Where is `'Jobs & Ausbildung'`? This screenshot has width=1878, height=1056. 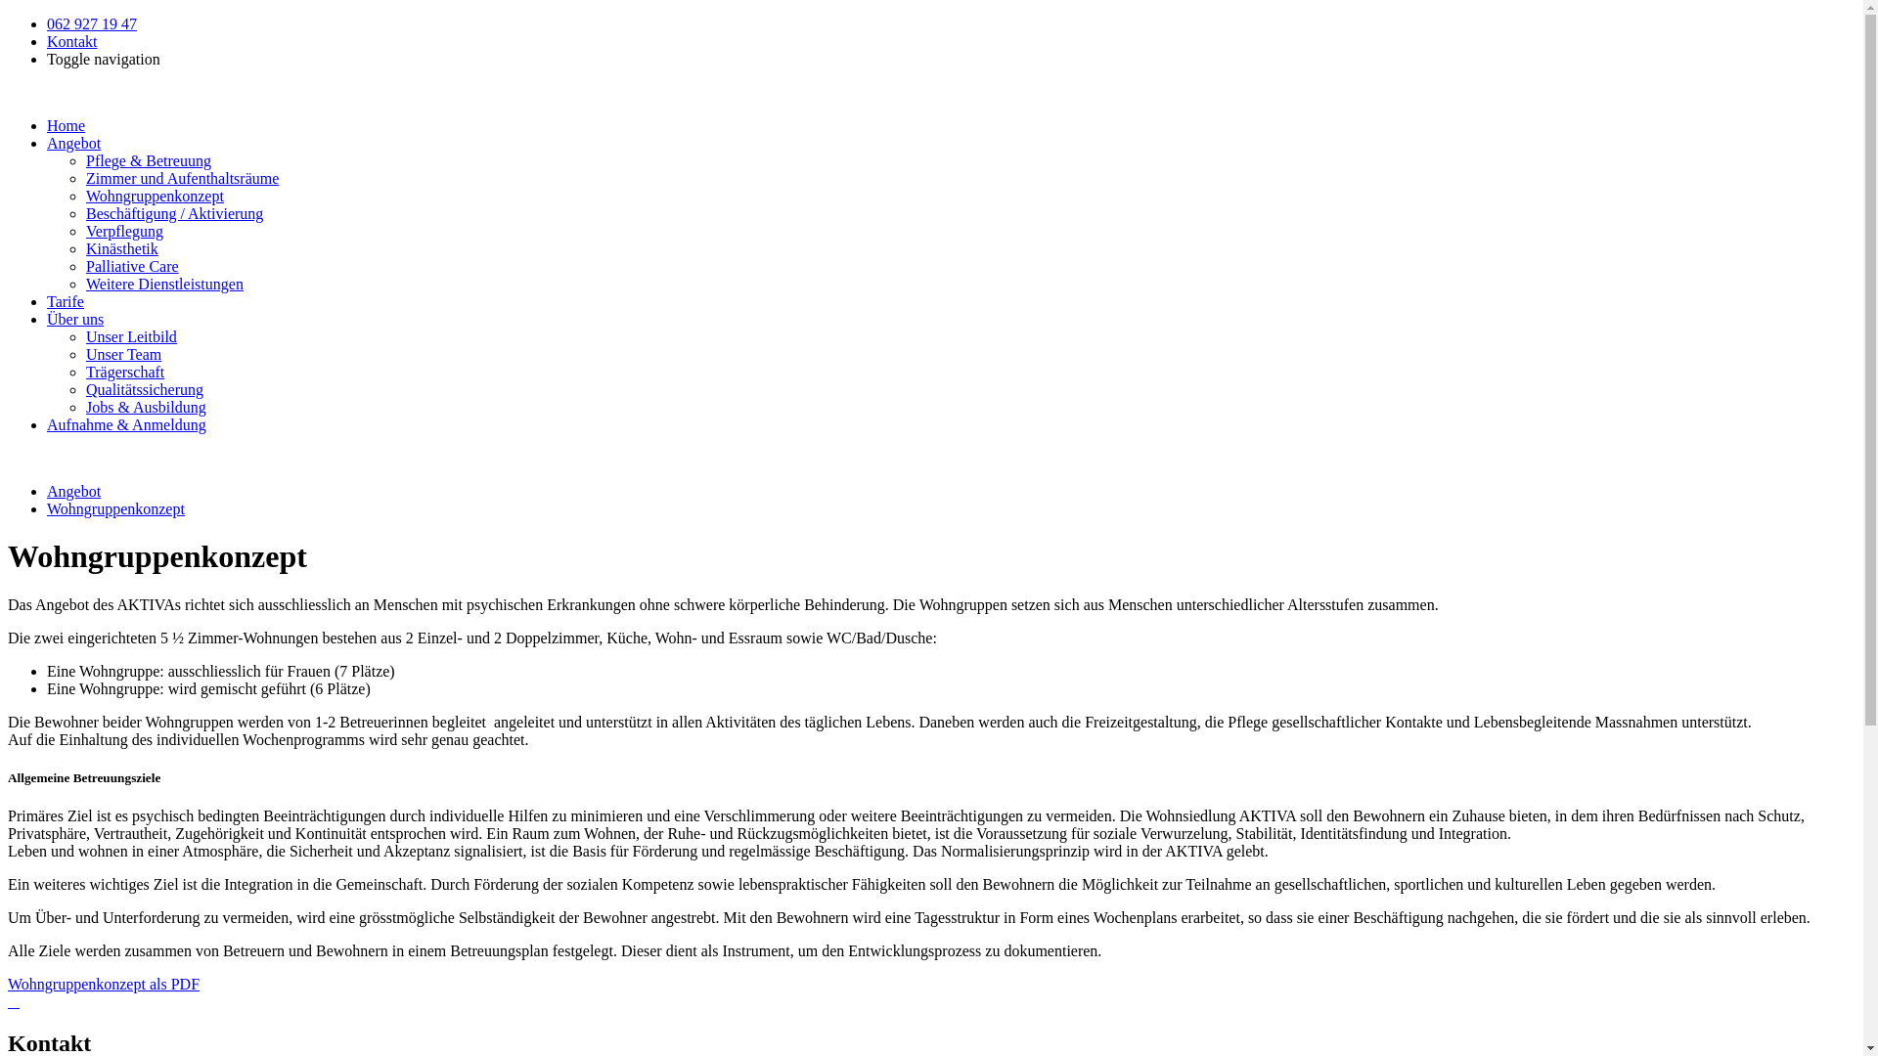
'Jobs & Ausbildung' is located at coordinates (145, 406).